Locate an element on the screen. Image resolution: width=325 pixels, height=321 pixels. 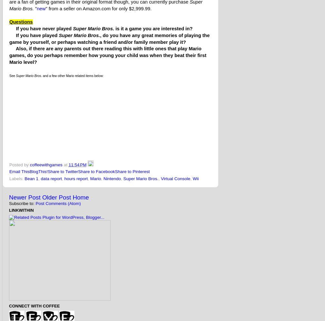
', do you have any great memories of playing the game by yourself, or perhaps watching a friend and/or family member play it?' is located at coordinates (109, 38).